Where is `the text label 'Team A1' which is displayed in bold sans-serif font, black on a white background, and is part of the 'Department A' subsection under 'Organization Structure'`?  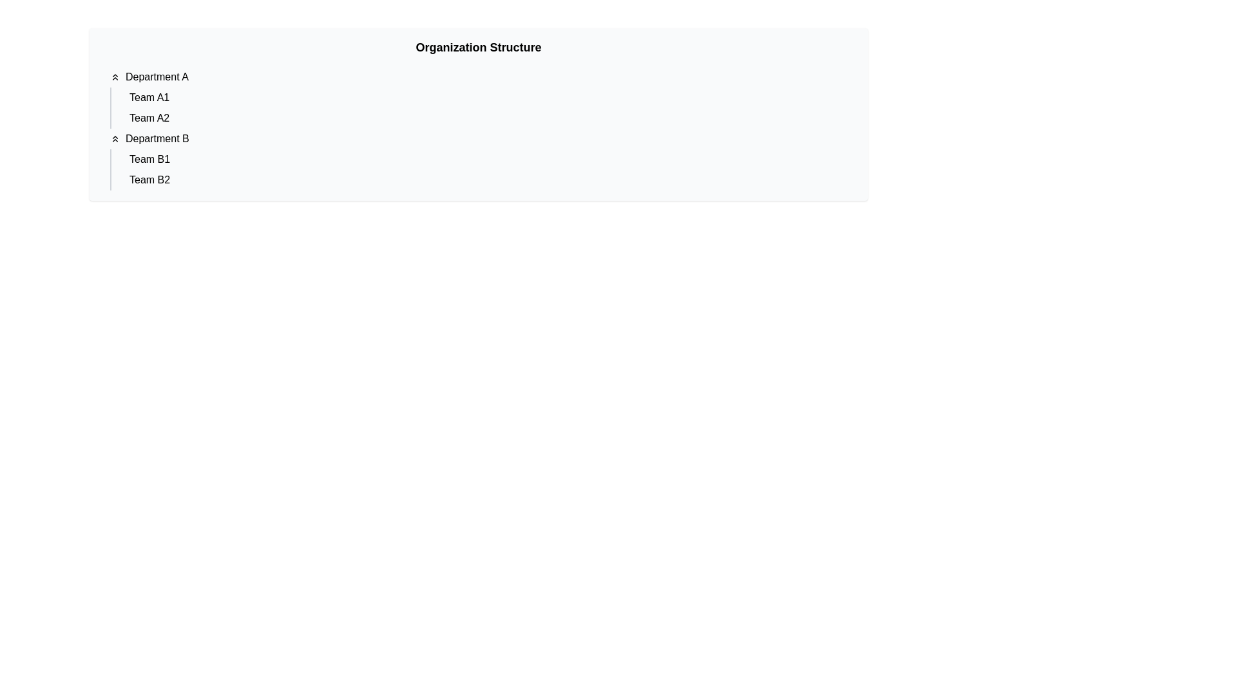
the text label 'Team A1' which is displayed in bold sans-serif font, black on a white background, and is part of the 'Department A' subsection under 'Organization Structure' is located at coordinates (149, 97).